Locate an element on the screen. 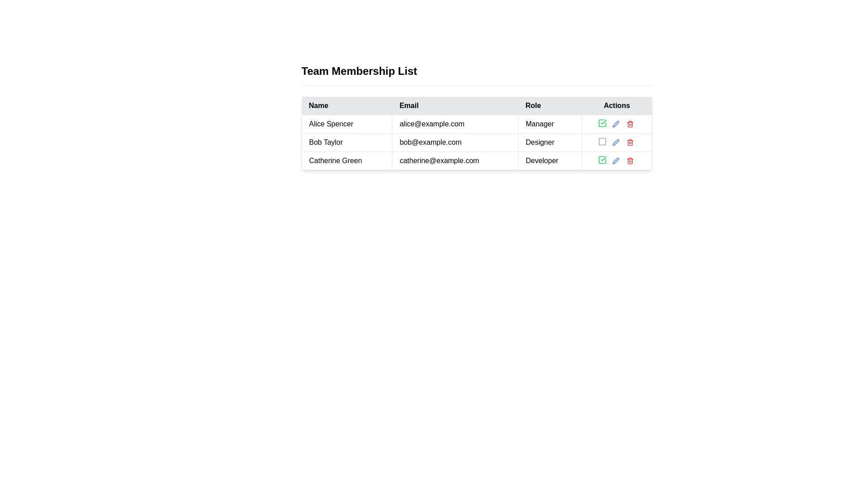  the header text labeled 'Team Membership List' that is prominently displayed at the top of the section, above the team members' table is located at coordinates (359, 70).